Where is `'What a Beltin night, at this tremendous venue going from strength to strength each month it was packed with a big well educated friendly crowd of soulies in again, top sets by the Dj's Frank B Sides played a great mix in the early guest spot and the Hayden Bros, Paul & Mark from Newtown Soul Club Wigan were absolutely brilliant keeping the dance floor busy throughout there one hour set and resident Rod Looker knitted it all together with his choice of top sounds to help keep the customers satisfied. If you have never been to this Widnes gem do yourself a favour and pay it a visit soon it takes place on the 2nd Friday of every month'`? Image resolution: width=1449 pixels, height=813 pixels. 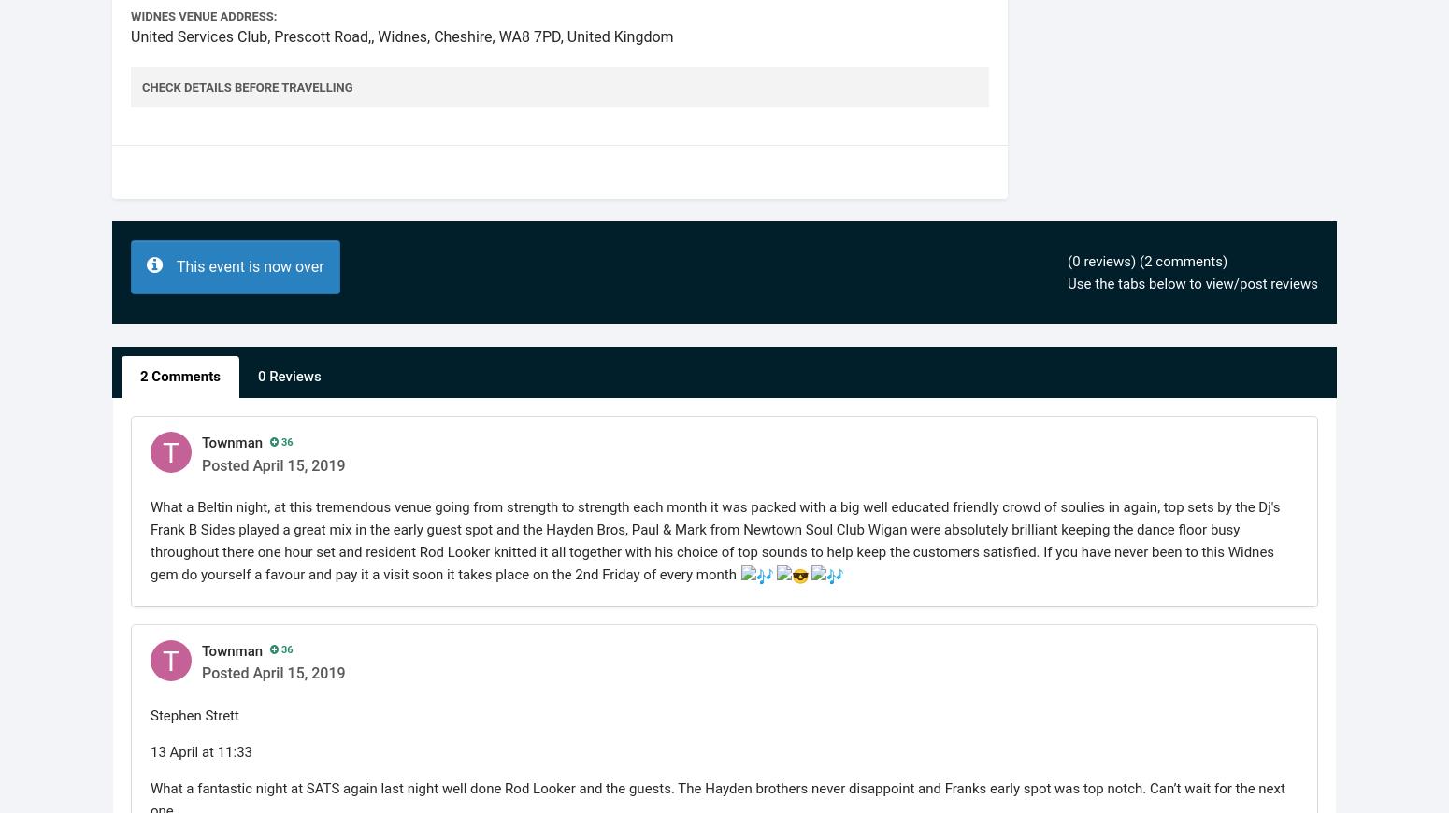 'What a Beltin night, at this tremendous venue going from strength to strength each month it was packed with a big well educated friendly crowd of soulies in again, top sets by the Dj's Frank B Sides played a great mix in the early guest spot and the Hayden Bros, Paul & Mark from Newtown Soul Club Wigan were absolutely brilliant keeping the dance floor busy throughout there one hour set and resident Rod Looker knitted it all together with his choice of top sounds to help keep the customers satisfied. If you have never been to this Widnes gem do yourself a favour and pay it a visit soon it takes place on the 2nd Friday of every month' is located at coordinates (714, 539).